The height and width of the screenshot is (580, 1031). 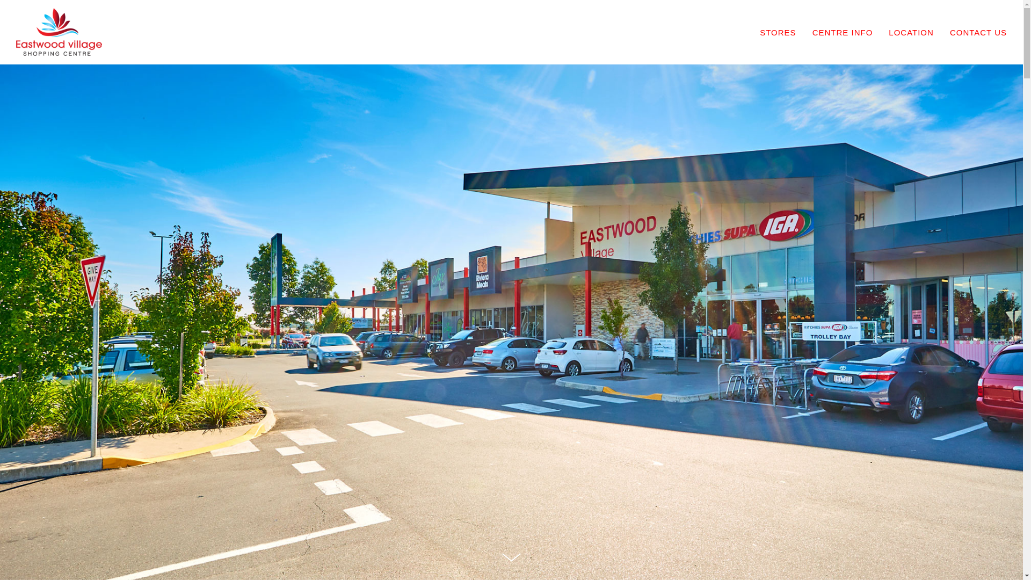 I want to click on 'CONTACT US', so click(x=978, y=32).